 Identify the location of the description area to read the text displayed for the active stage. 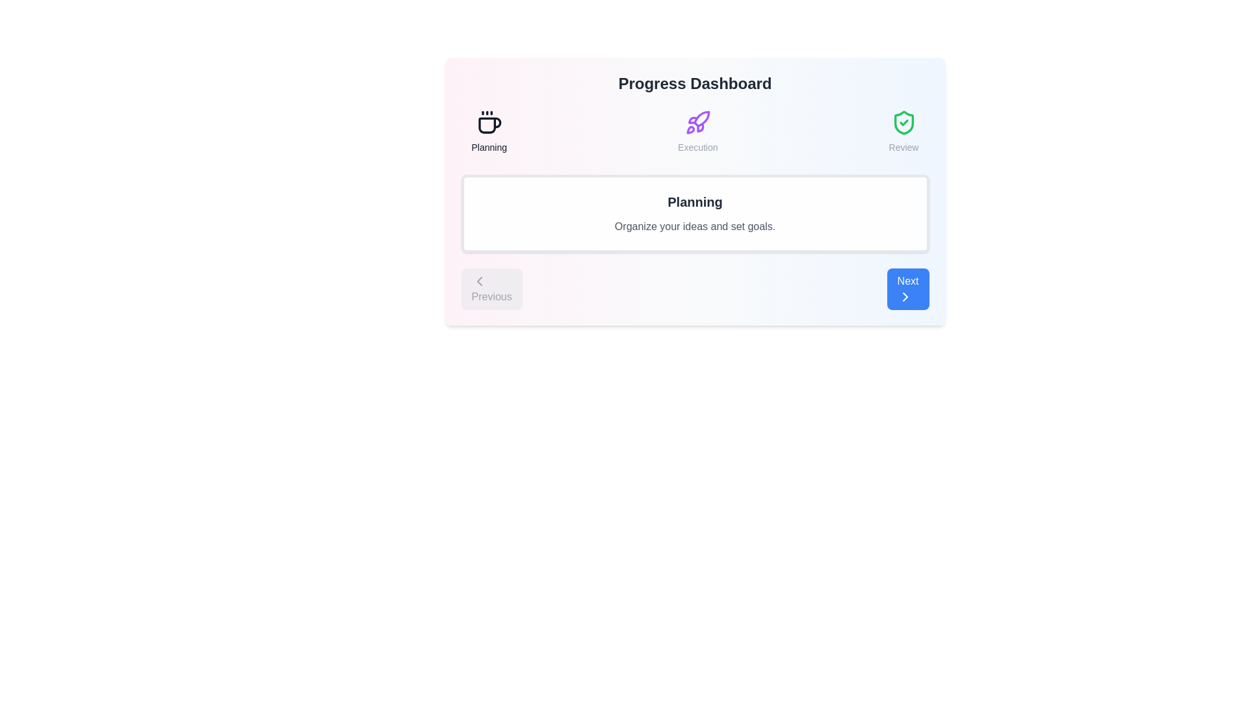
(694, 213).